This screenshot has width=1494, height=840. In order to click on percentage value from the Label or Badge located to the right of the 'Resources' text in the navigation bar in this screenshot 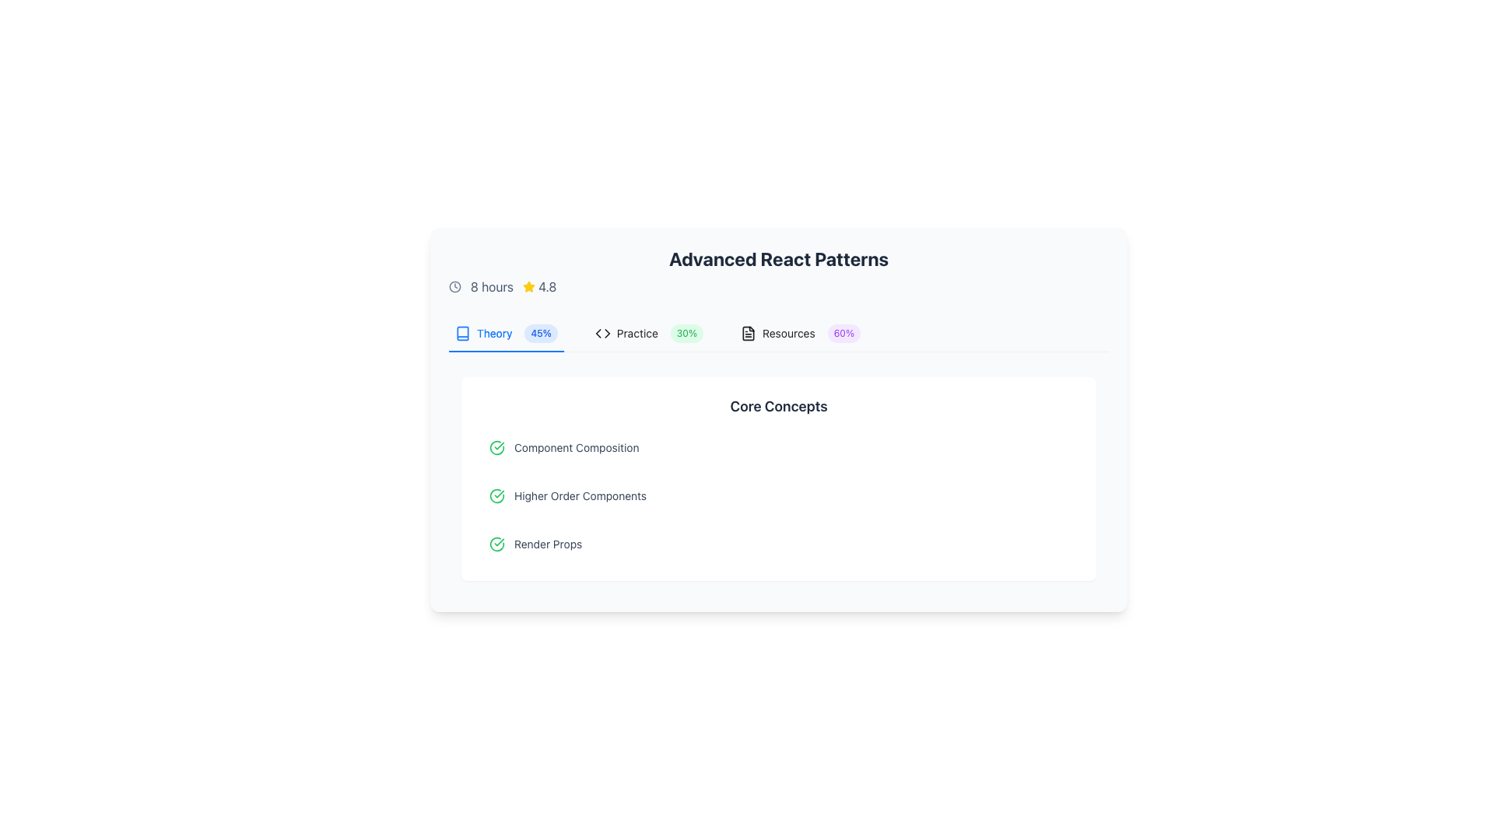, I will do `click(843, 332)`.